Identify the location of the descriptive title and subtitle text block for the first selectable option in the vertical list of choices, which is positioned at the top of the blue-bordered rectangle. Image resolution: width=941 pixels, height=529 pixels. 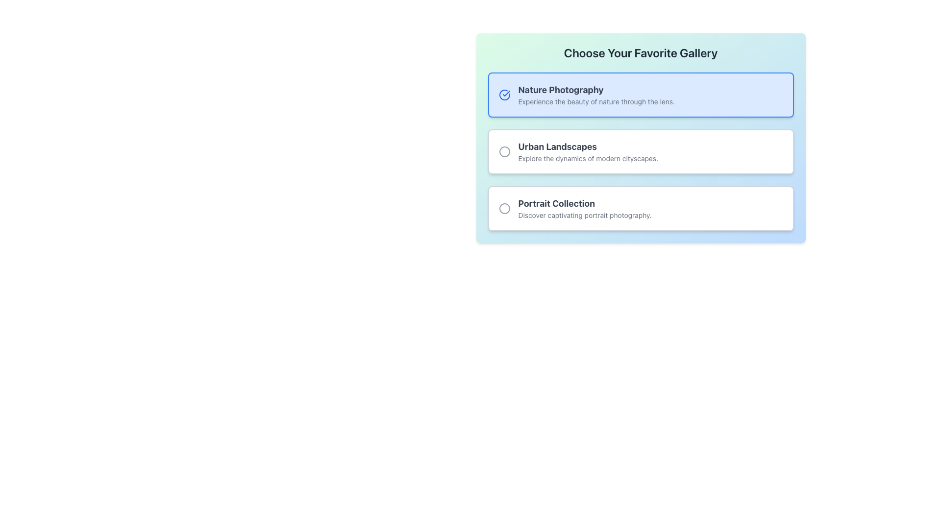
(596, 95).